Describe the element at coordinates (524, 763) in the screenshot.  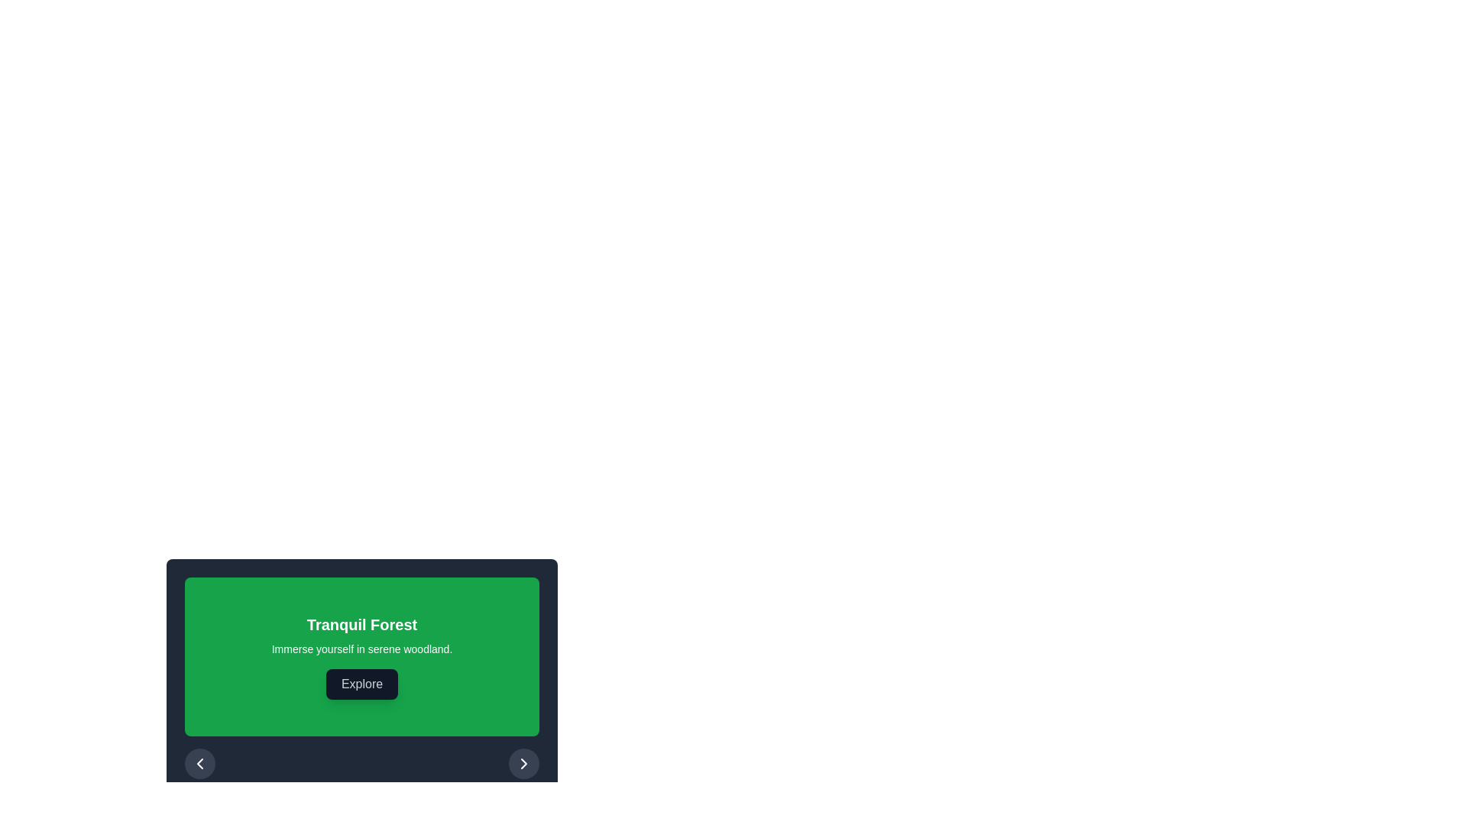
I see `the small circular button with a dark background and a white right-pointing chevron icon in its center` at that location.